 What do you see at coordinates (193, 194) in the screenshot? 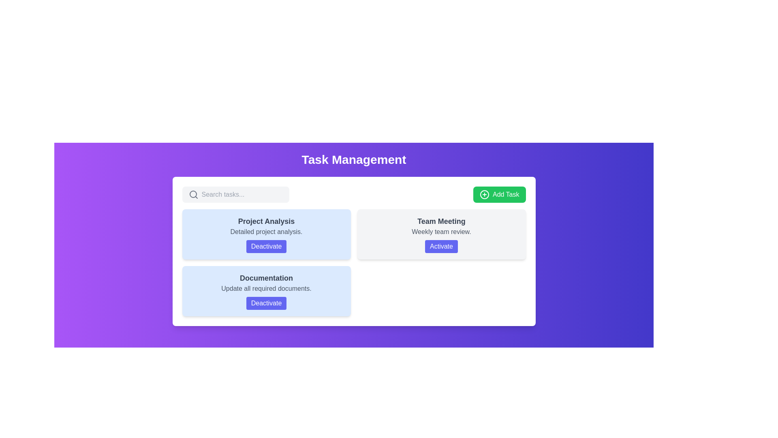
I see `the search icon located in the leftmost portion of the search bar, adjacent to the search input field, below the 'Task Management' header` at bounding box center [193, 194].